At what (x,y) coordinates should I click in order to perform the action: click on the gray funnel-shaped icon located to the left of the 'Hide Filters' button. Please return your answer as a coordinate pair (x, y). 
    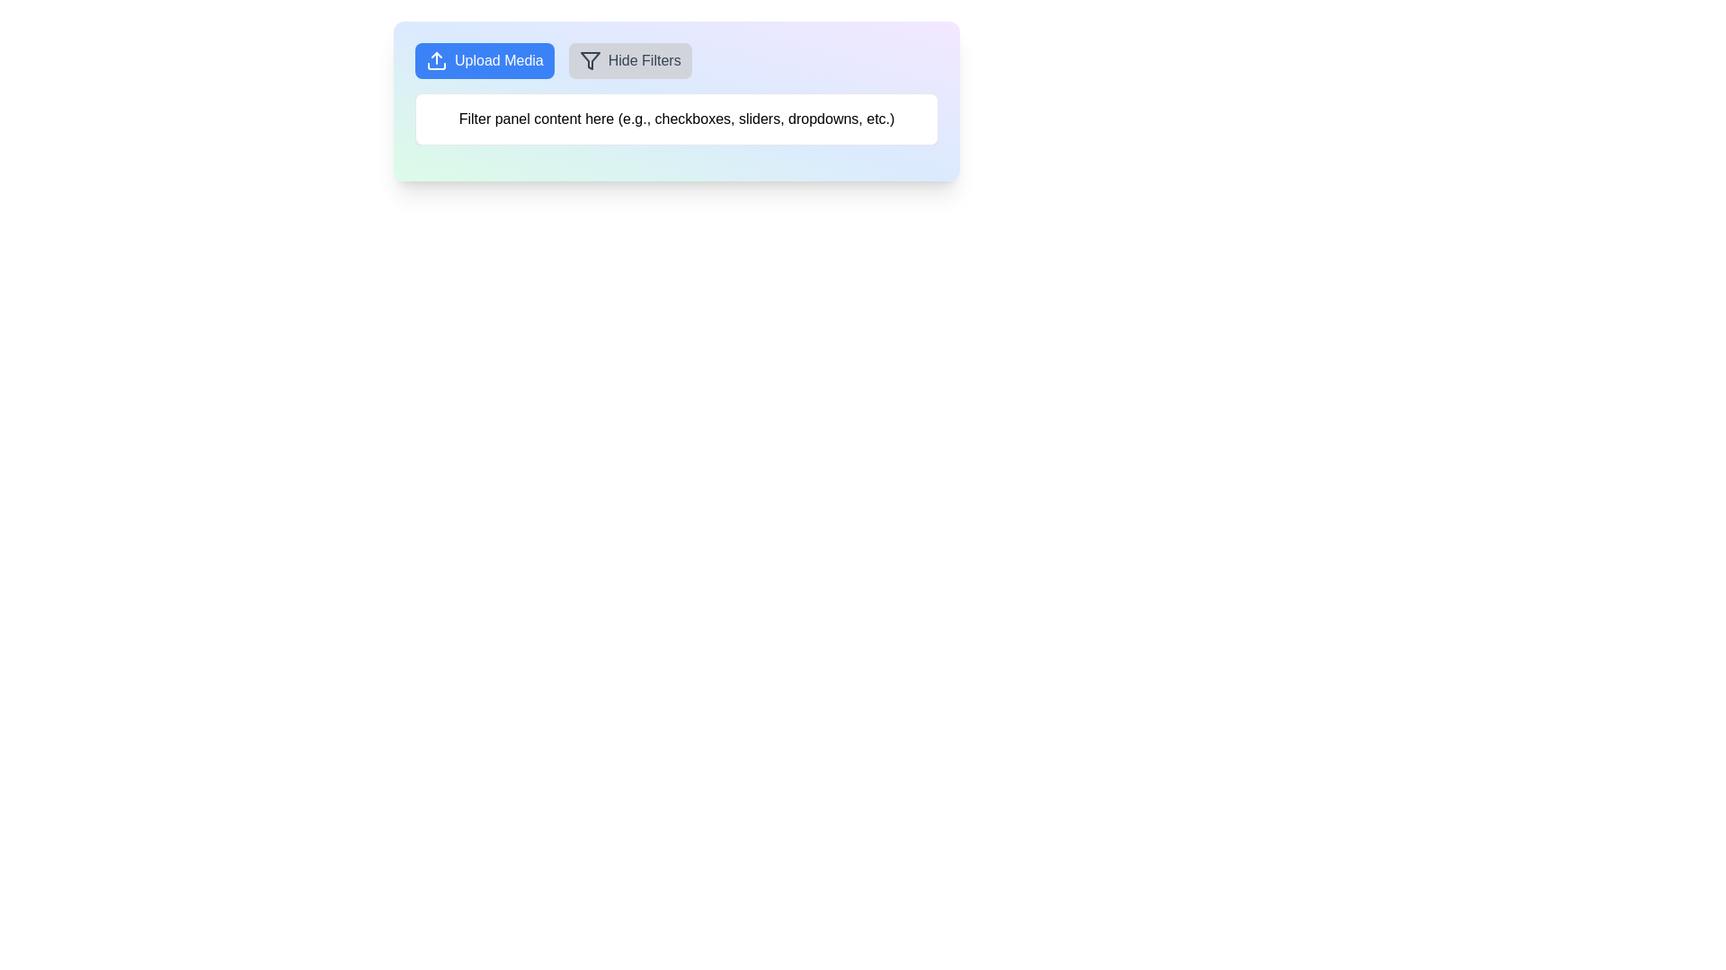
    Looking at the image, I should click on (590, 60).